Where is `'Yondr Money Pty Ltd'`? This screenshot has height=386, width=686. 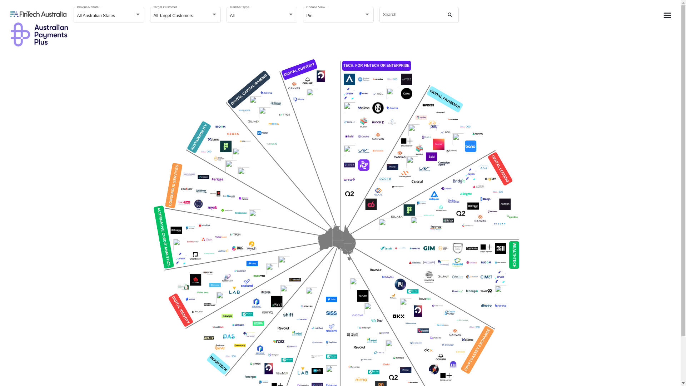 'Yondr Money Pty Ltd' is located at coordinates (362, 296).